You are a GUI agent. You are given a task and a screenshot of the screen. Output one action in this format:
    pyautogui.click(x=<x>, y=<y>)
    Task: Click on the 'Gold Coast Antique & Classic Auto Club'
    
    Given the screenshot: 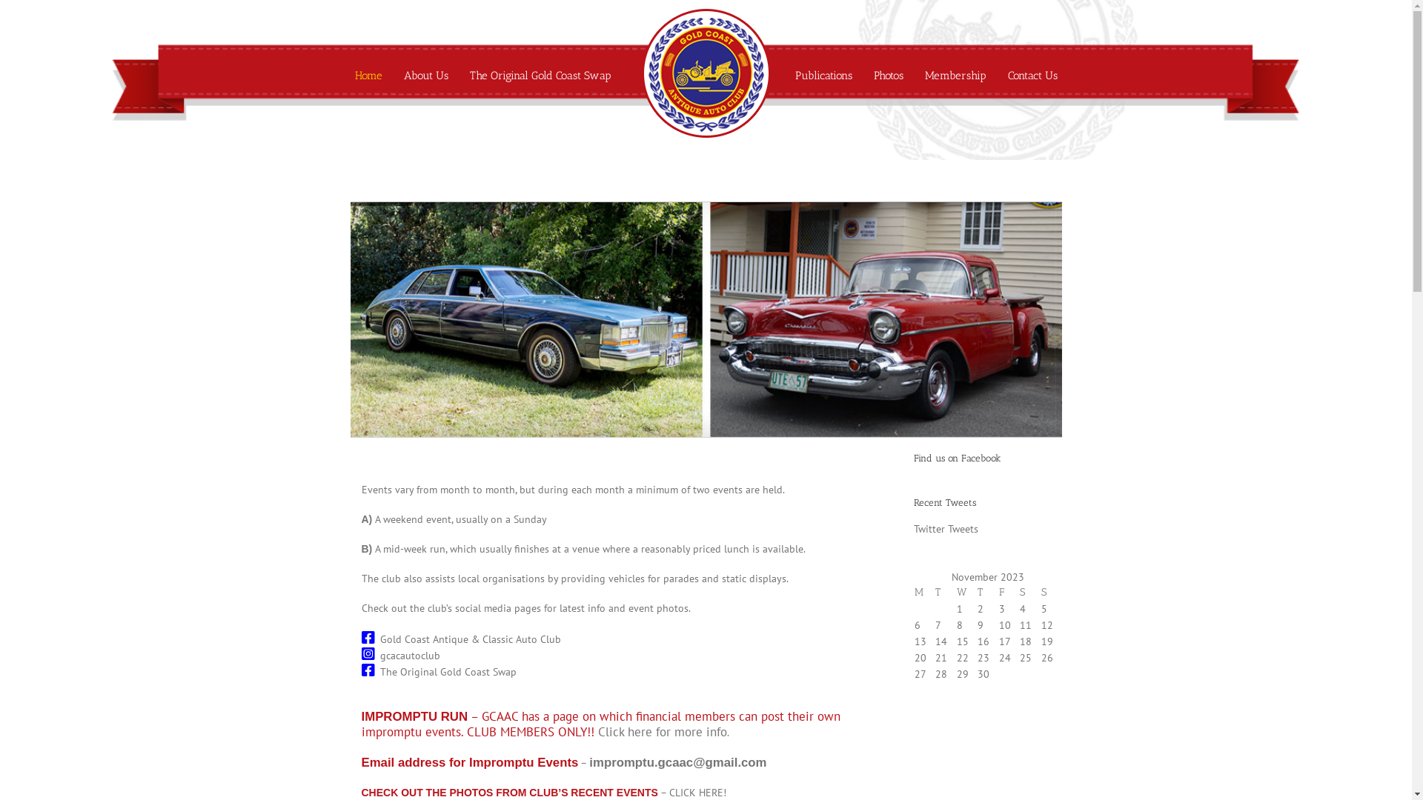 What is the action you would take?
    pyautogui.click(x=468, y=639)
    